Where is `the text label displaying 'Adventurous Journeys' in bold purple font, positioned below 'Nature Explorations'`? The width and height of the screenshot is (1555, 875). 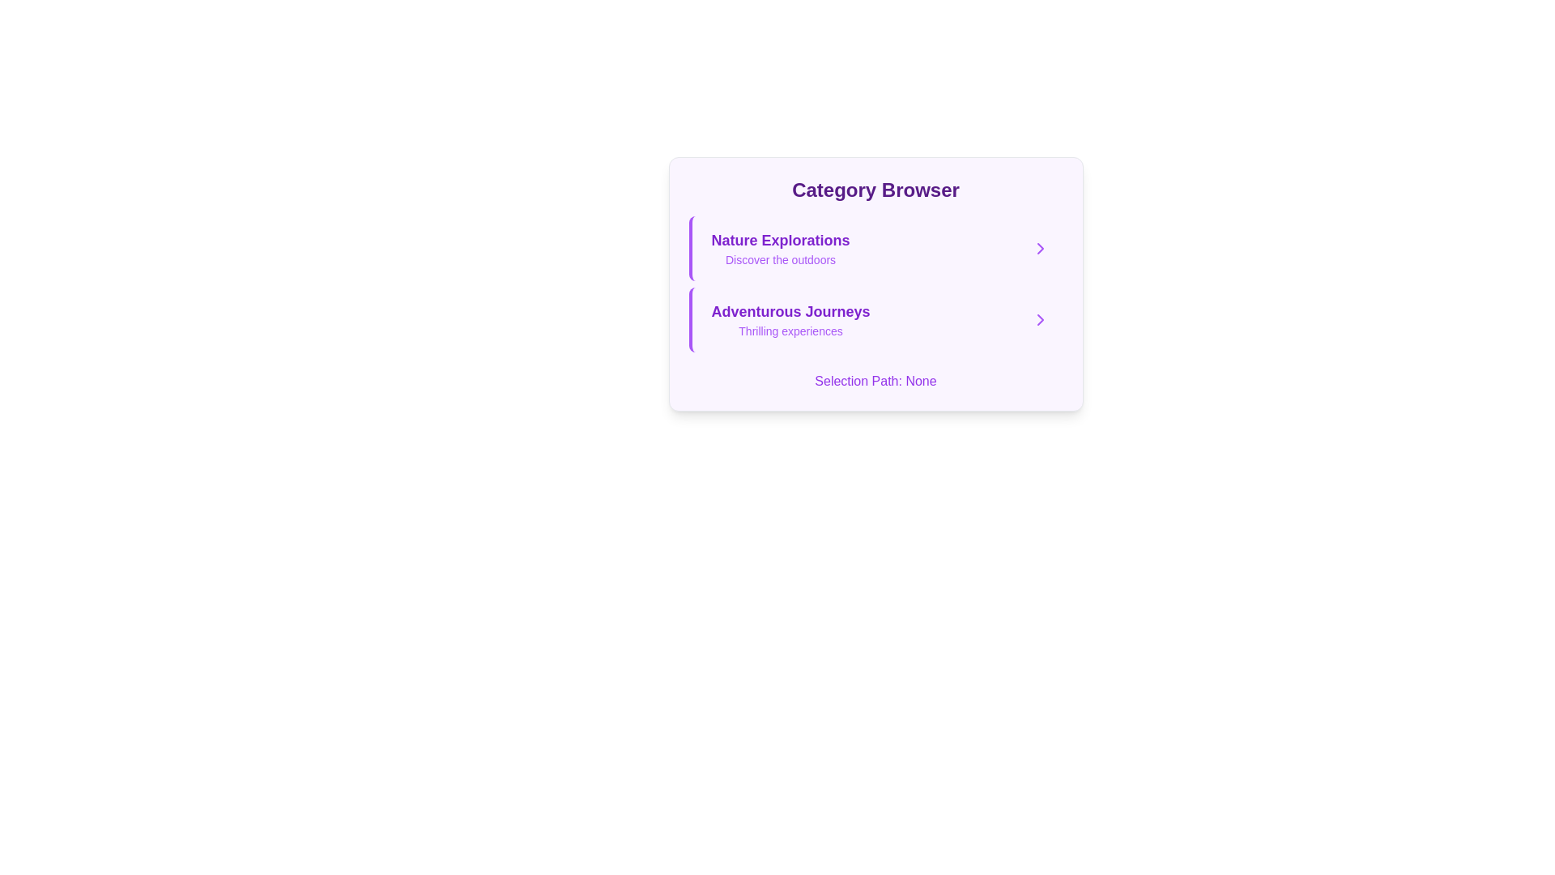 the text label displaying 'Adventurous Journeys' in bold purple font, positioned below 'Nature Explorations' is located at coordinates (790, 312).